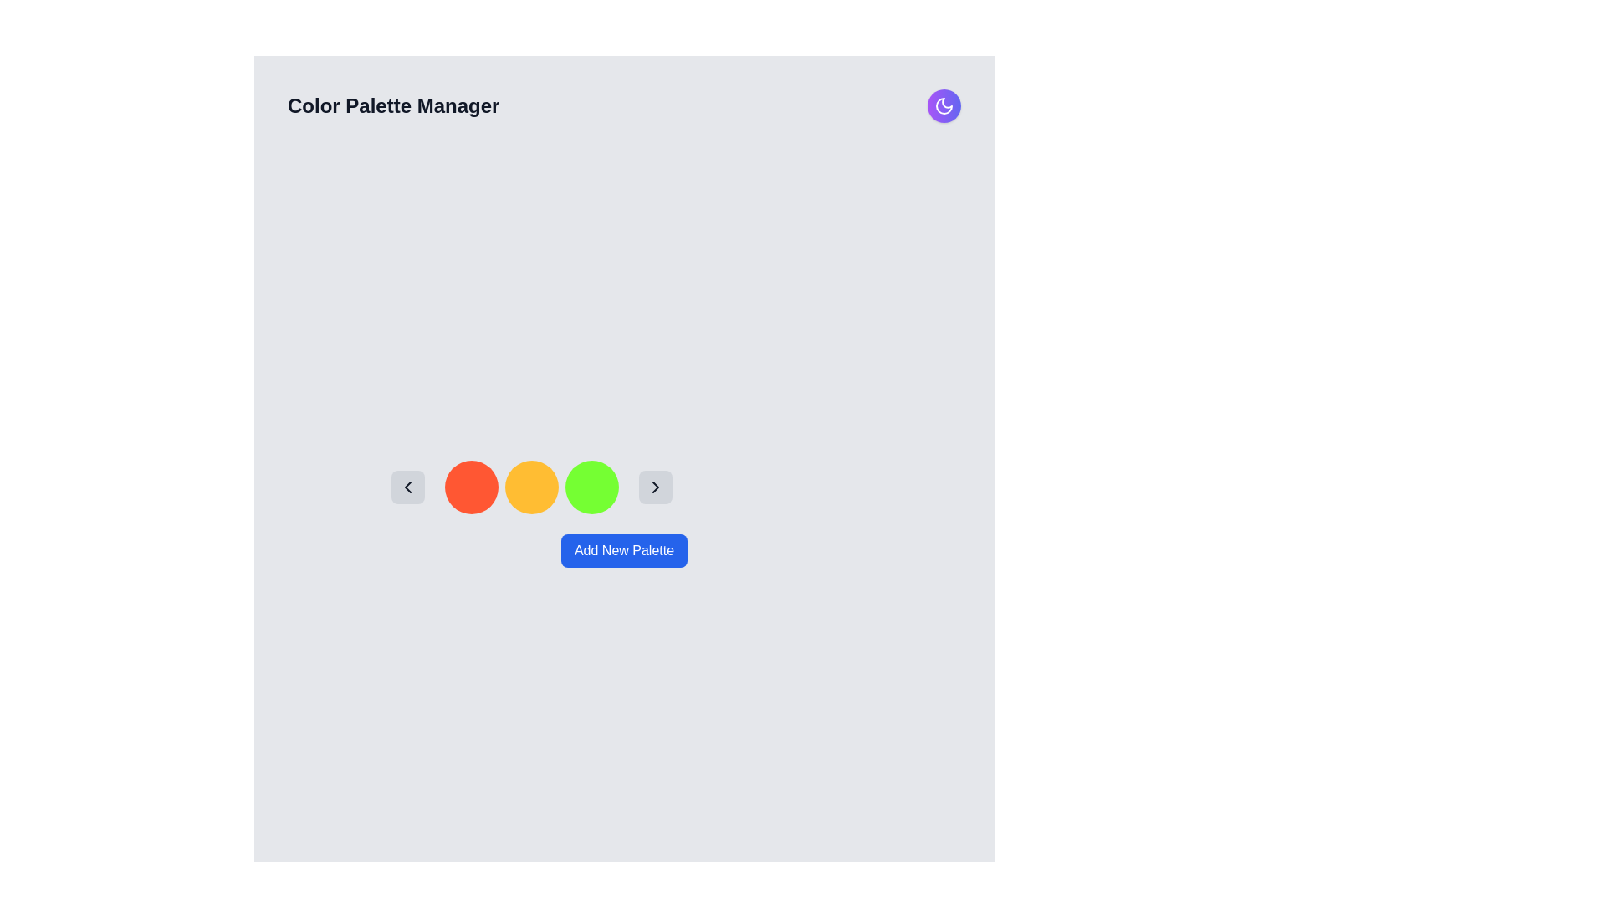 This screenshot has width=1606, height=903. I want to click on the toggle button in the top-right corner of the 'Color Palette Manager' header, so click(944, 106).